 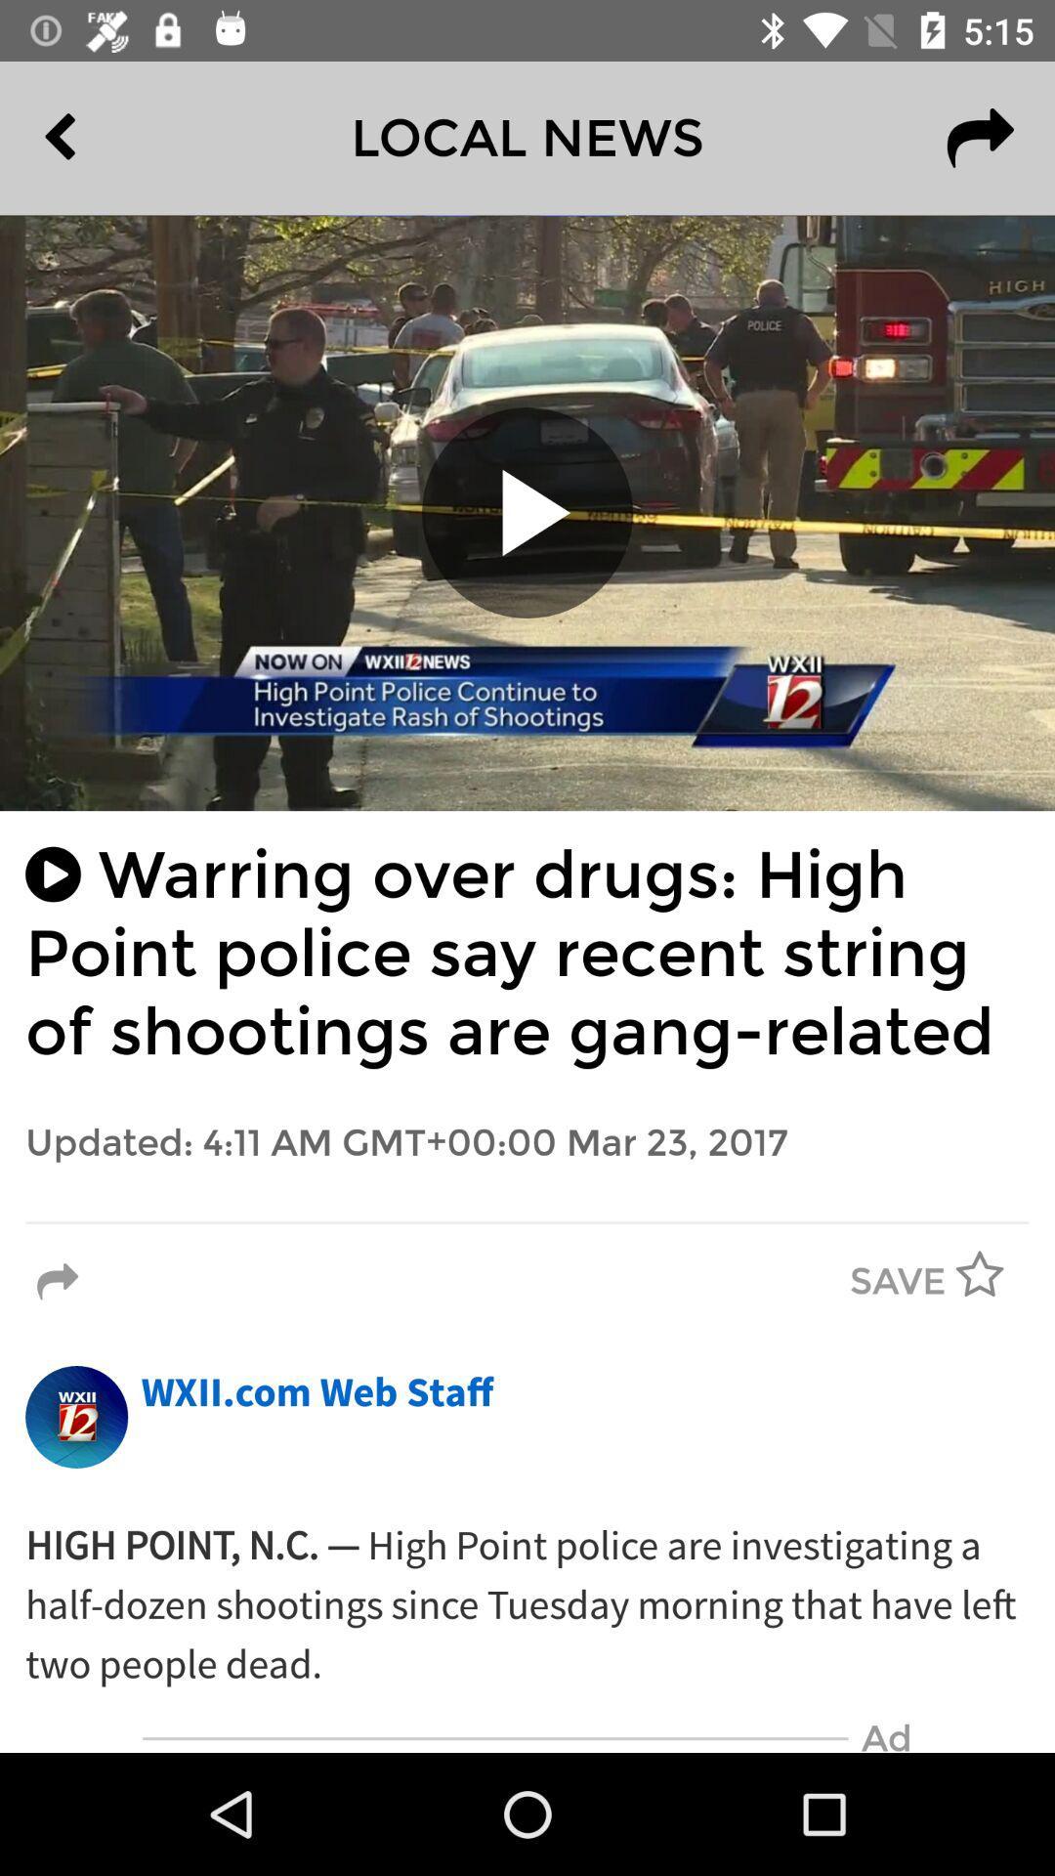 I want to click on the icon below high point n icon, so click(x=494, y=1738).